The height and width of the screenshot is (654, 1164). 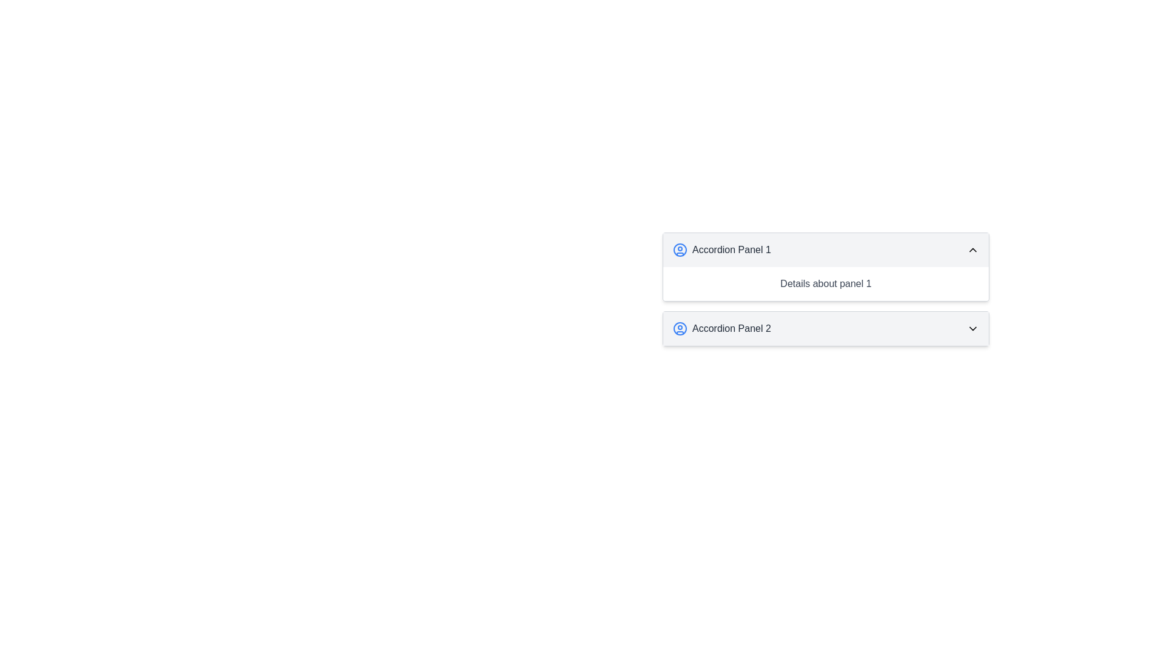 What do you see at coordinates (731, 329) in the screenshot?
I see `the text label that identifies the associated panel within the accordion interface, located to the right of the user icon` at bounding box center [731, 329].